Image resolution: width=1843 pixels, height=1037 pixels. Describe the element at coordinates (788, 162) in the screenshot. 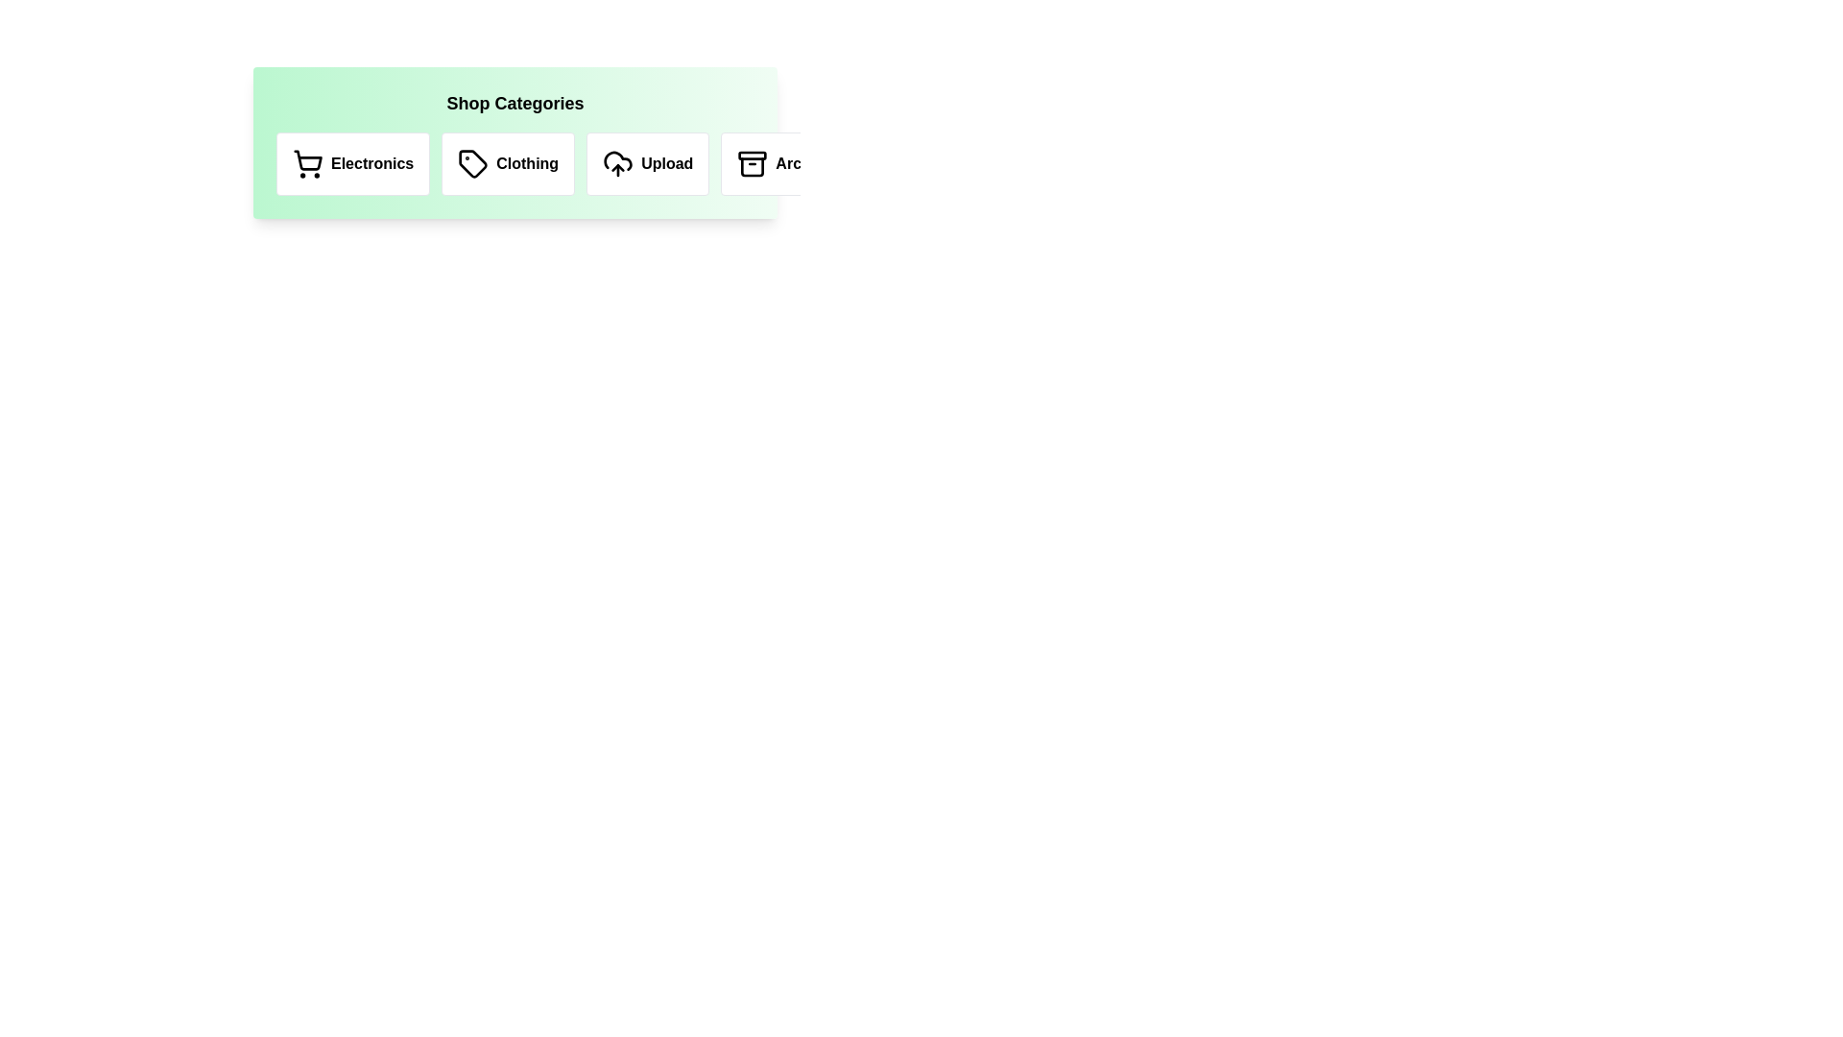

I see `the Archives category icon to trigger its hover effect` at that location.